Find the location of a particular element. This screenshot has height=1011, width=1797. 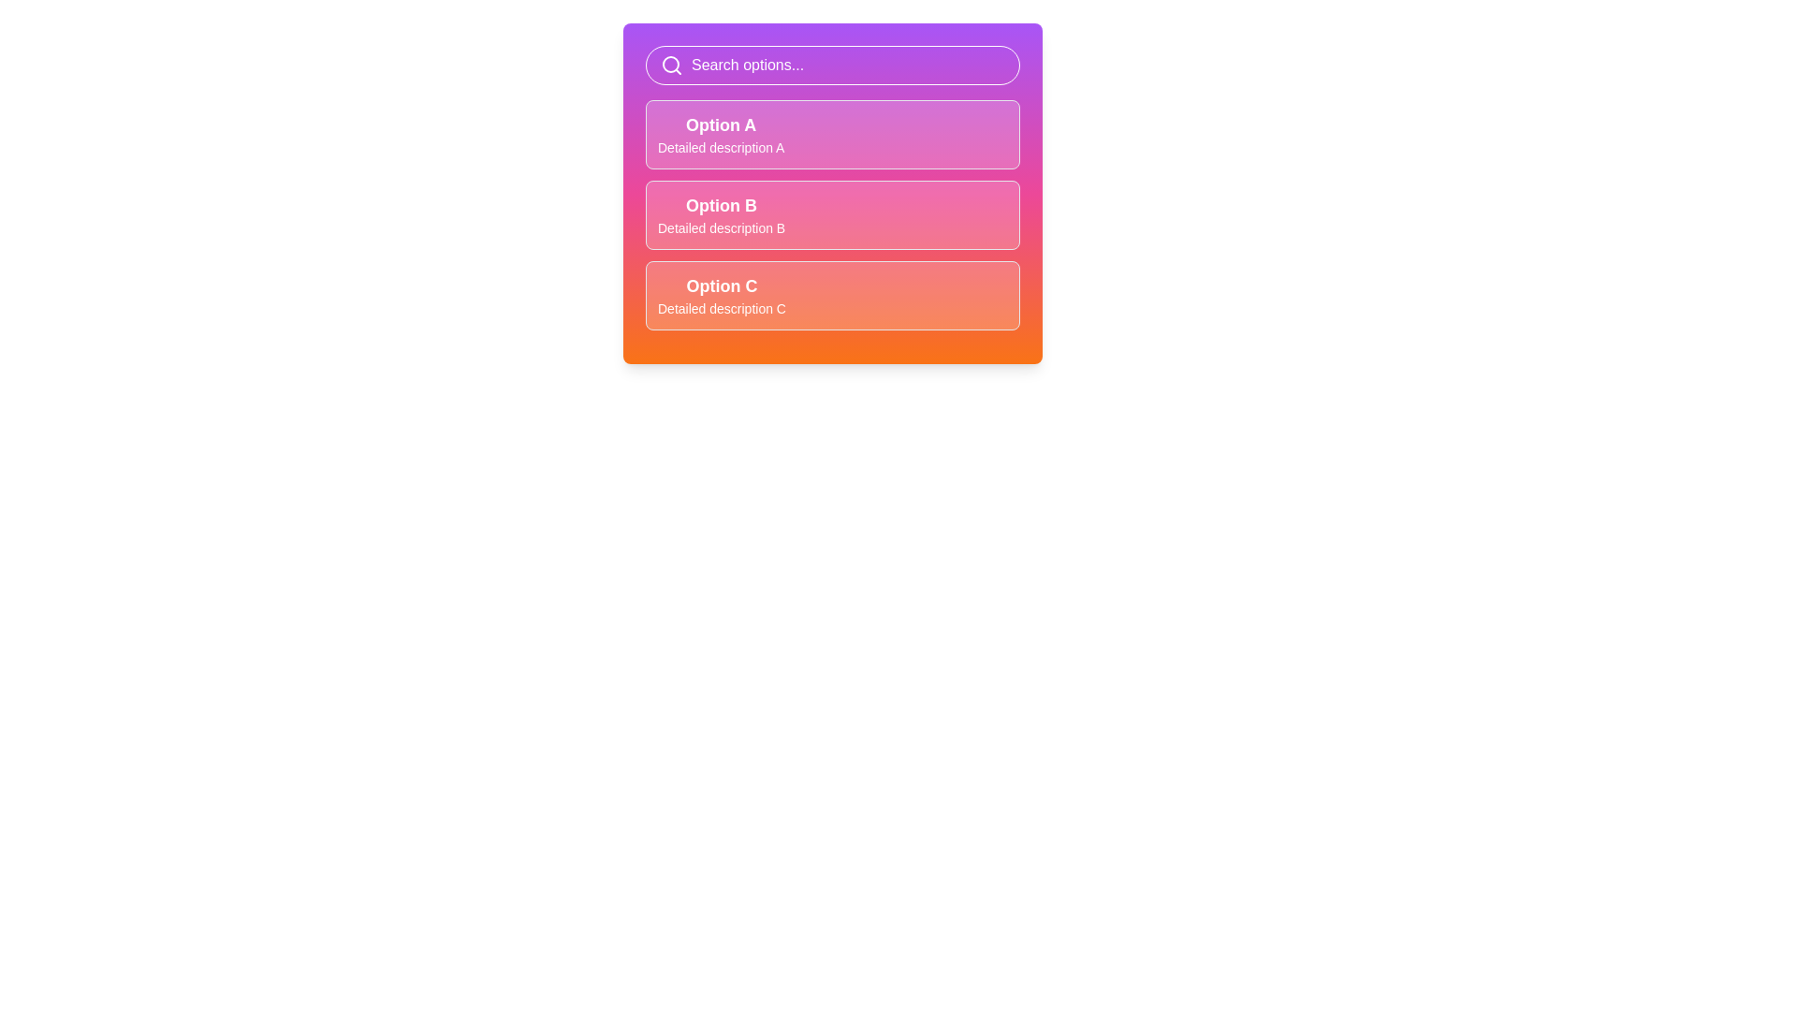

the Text Label providing additional information for 'Option C' is located at coordinates (721, 308).